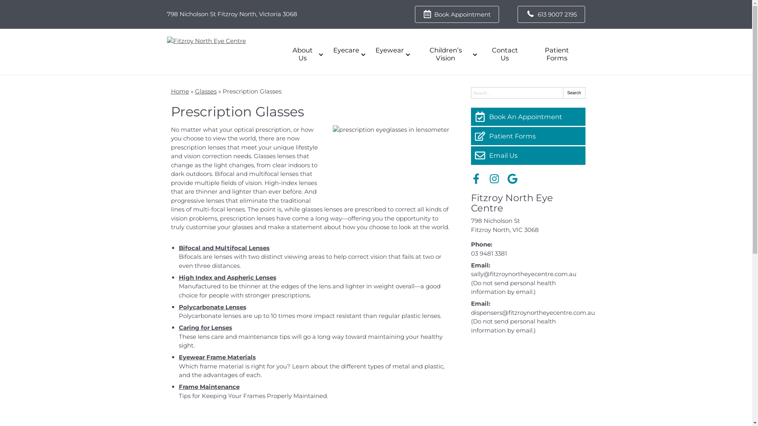 This screenshot has width=758, height=426. Describe the element at coordinates (517, 14) in the screenshot. I see `'613 9007 2195'` at that location.